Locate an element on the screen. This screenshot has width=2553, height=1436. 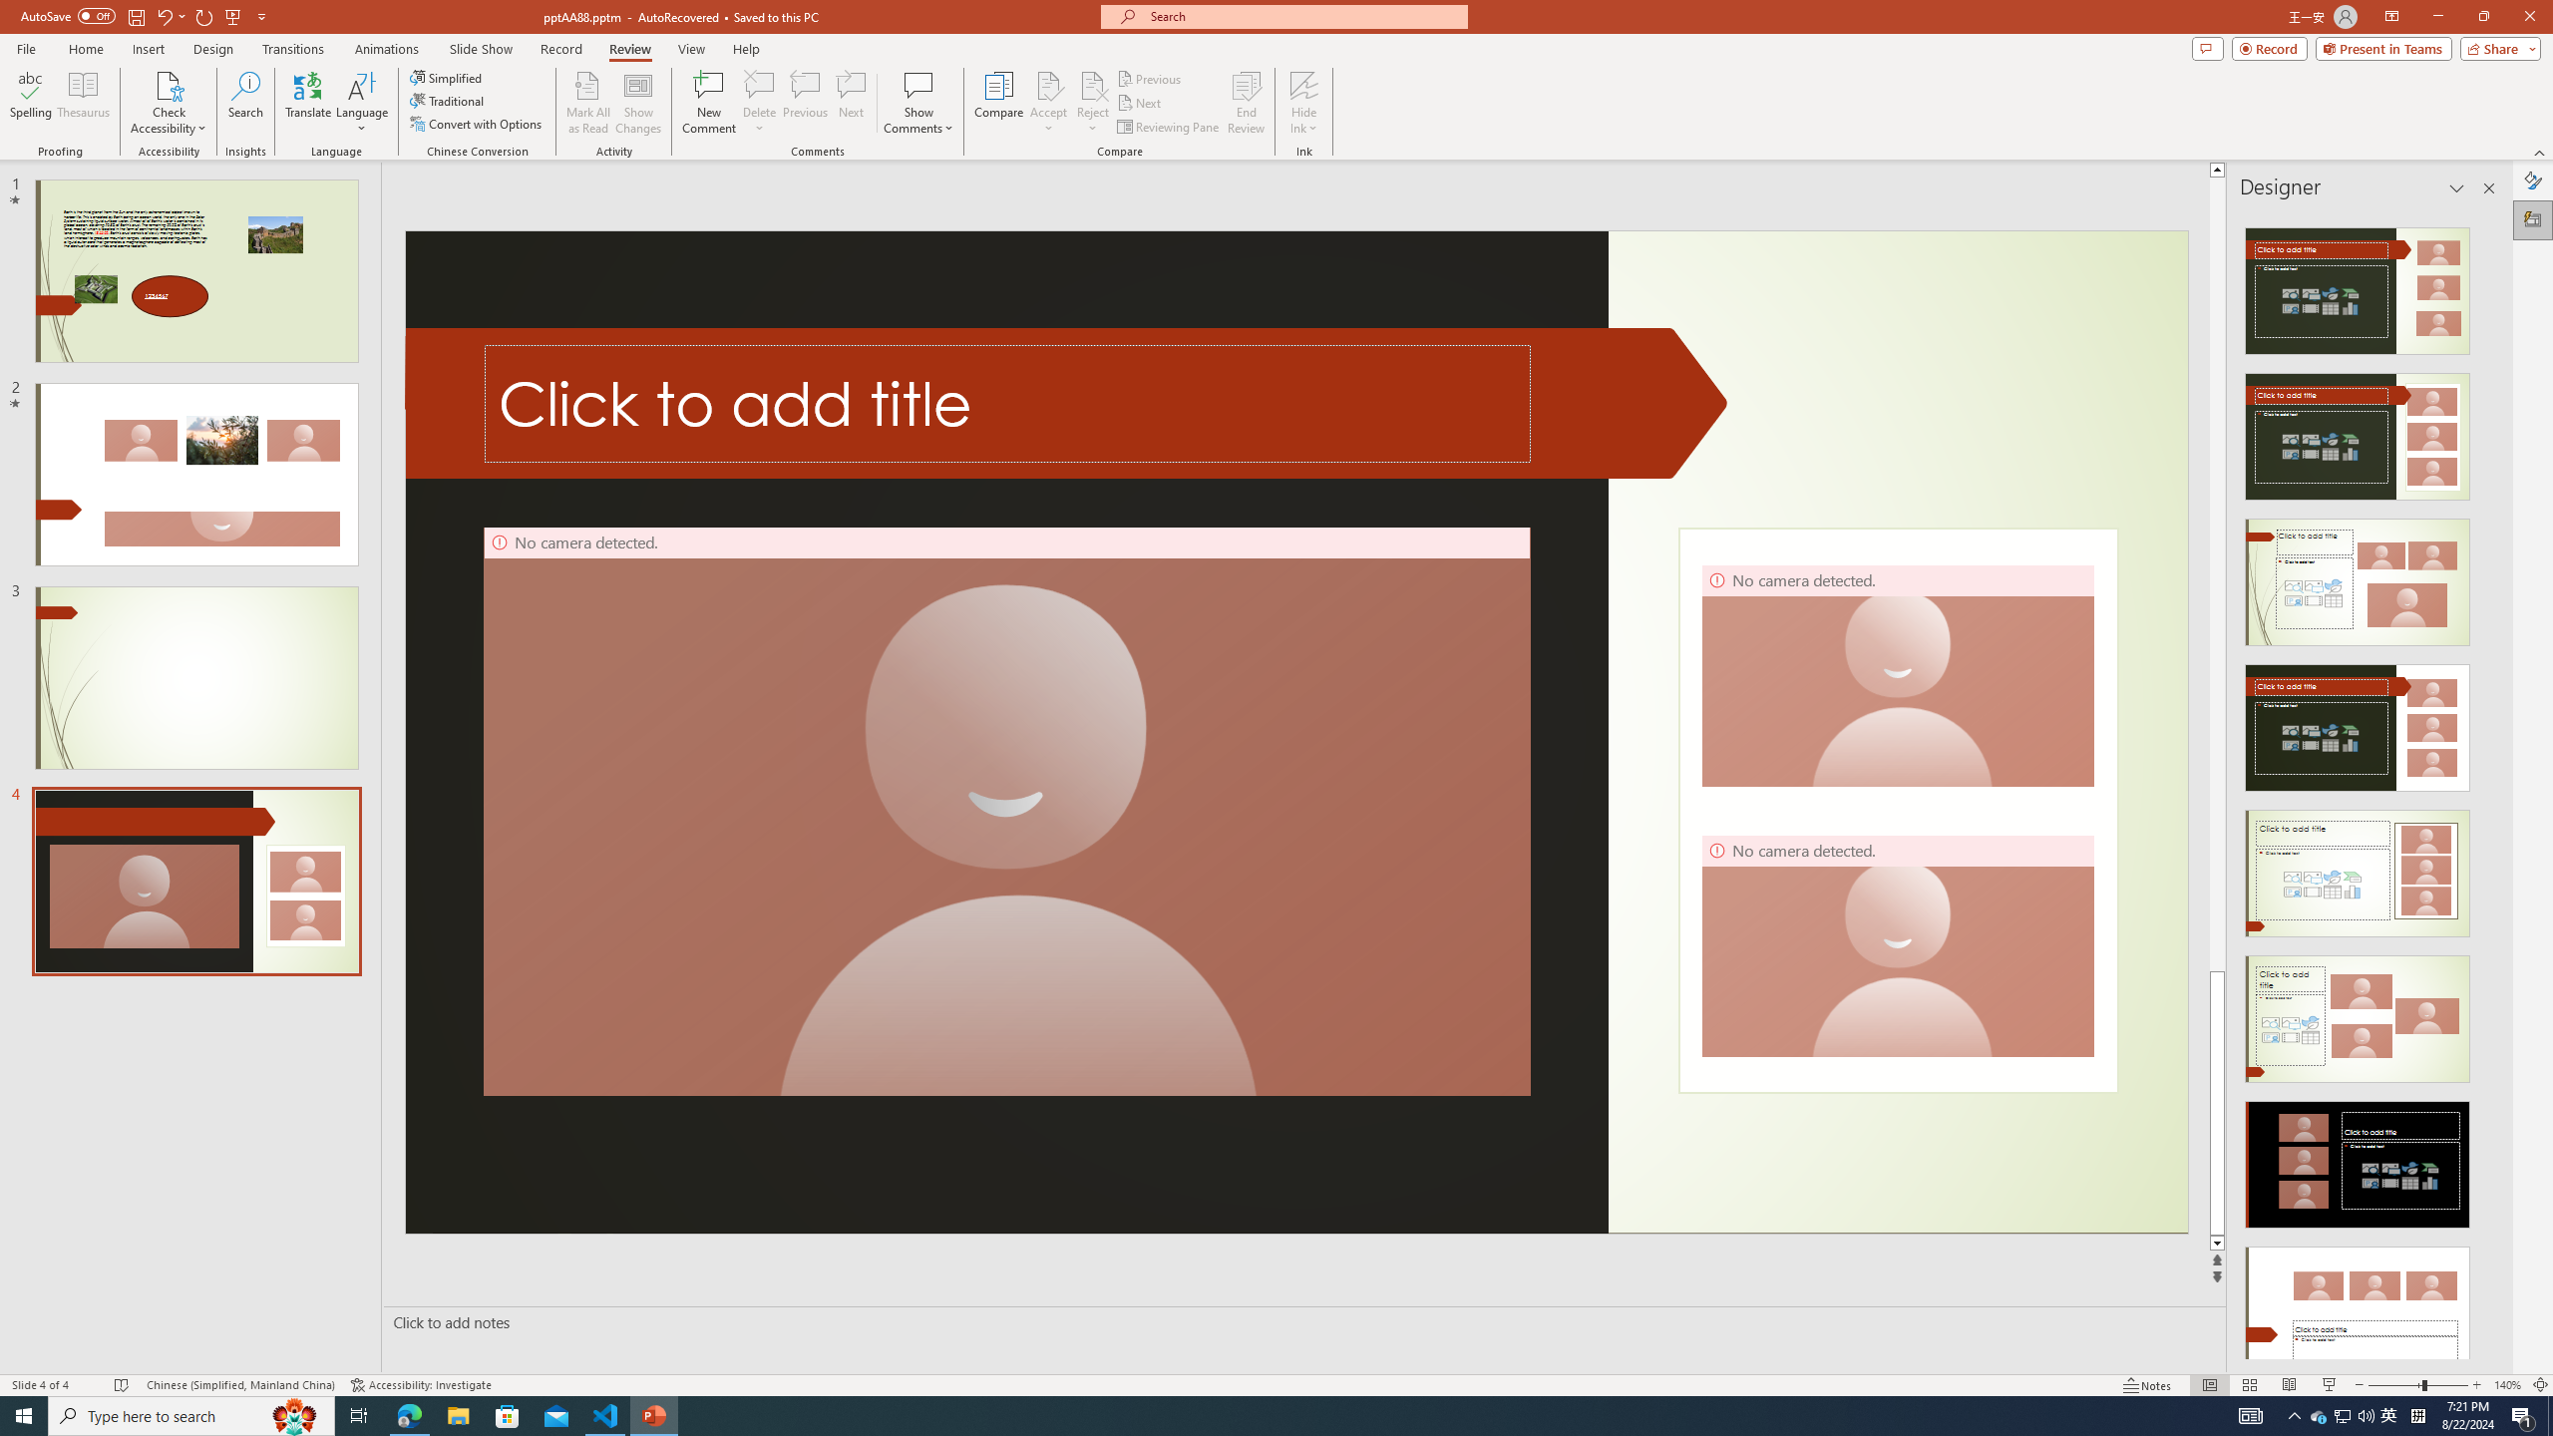
'Previous' is located at coordinates (1150, 78).